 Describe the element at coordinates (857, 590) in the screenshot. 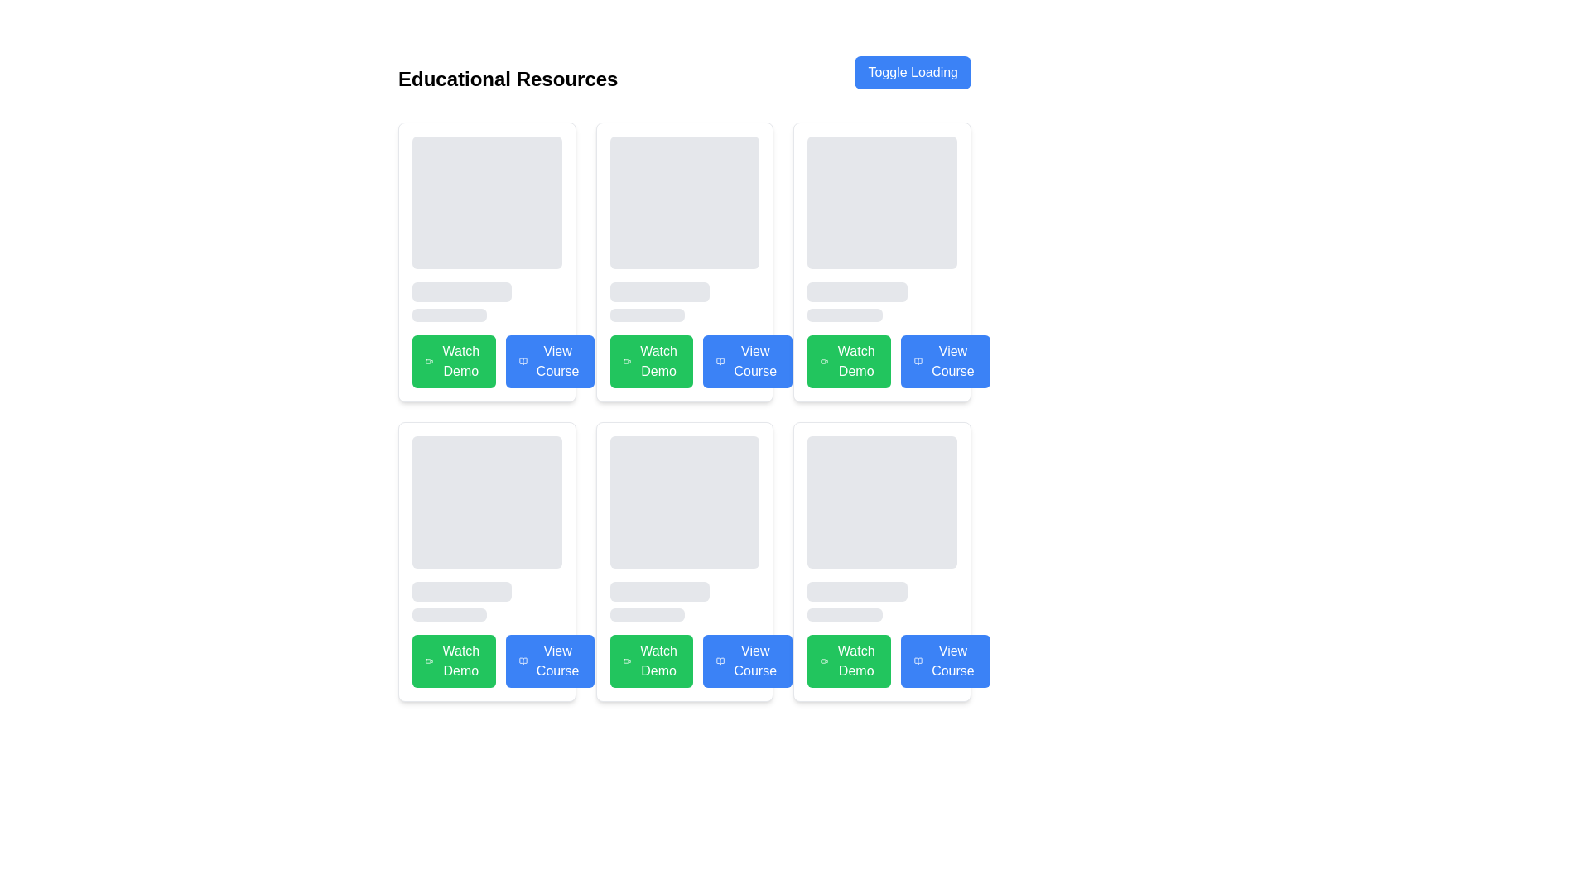

I see `the Placeholder block located in the bottom-right card of the grid layout, which is the second of three sibling elements` at that location.